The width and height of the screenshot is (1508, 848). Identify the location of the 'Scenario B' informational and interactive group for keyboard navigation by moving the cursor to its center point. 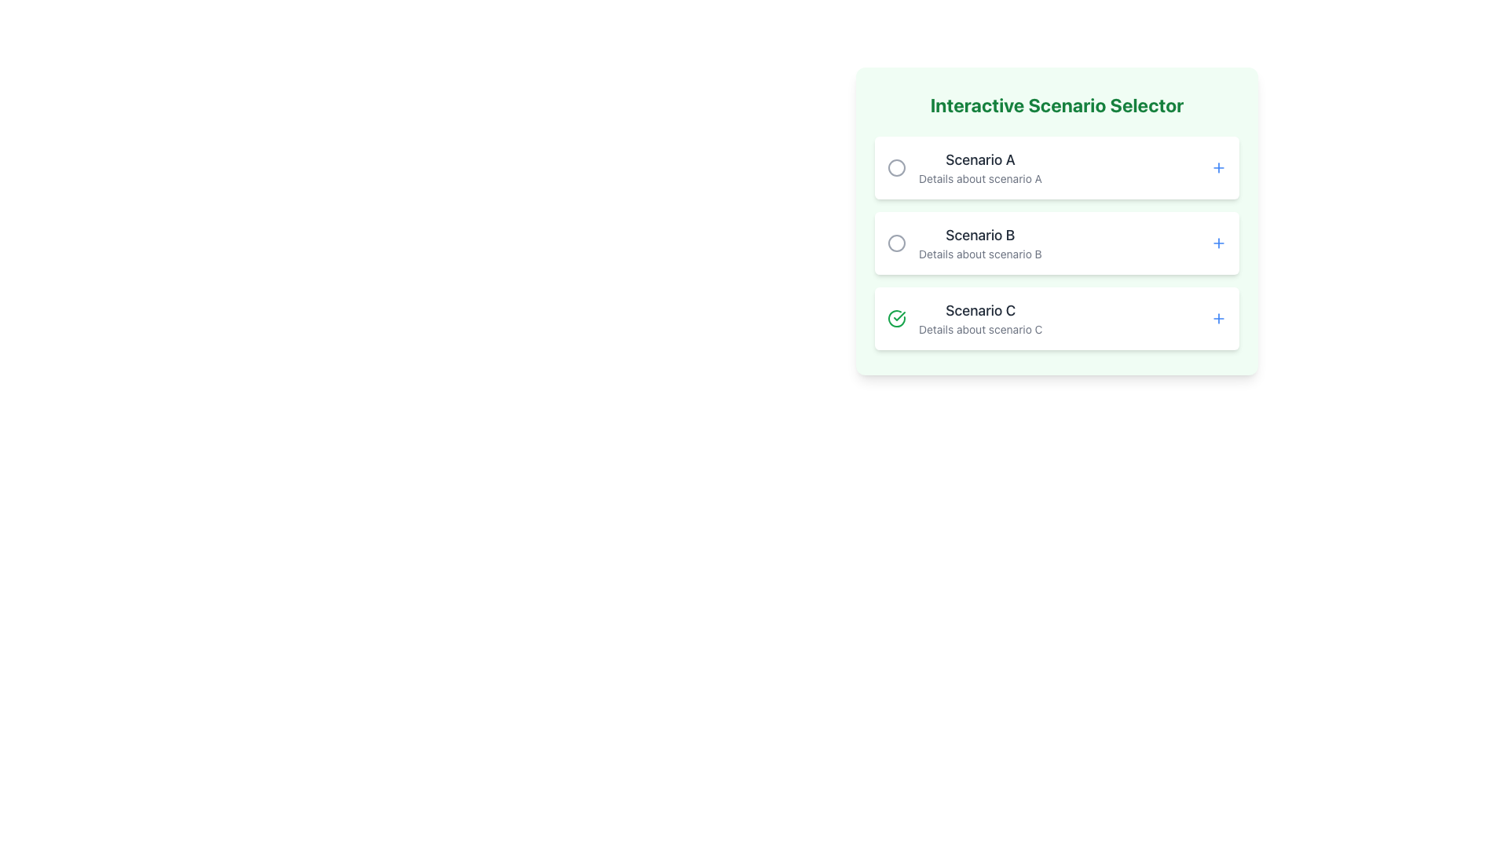
(964, 243).